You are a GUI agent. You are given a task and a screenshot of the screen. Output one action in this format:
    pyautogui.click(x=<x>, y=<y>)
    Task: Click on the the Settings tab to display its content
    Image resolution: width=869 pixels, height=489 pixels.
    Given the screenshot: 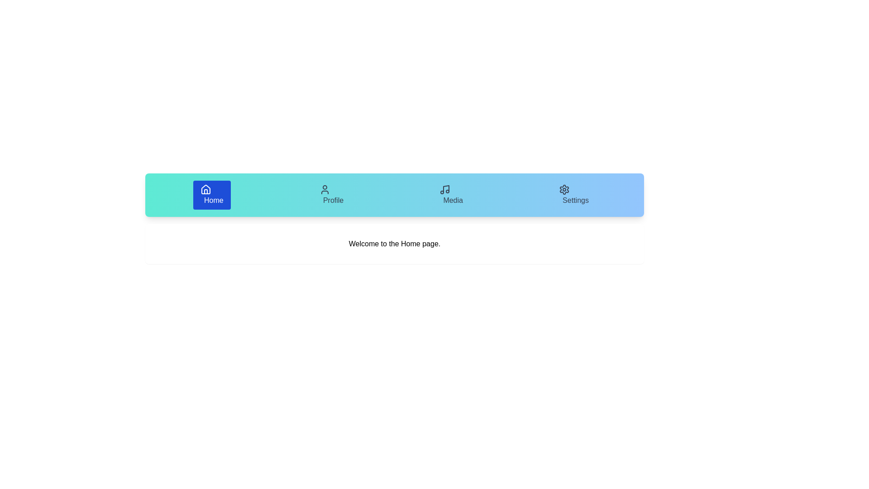 What is the action you would take?
    pyautogui.click(x=573, y=195)
    